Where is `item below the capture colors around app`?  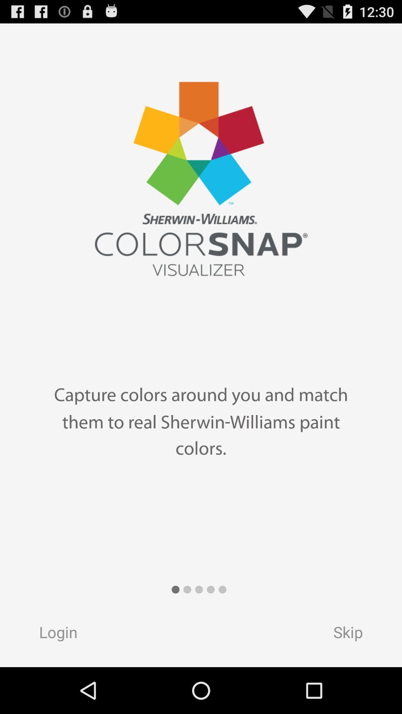
item below the capture colors around app is located at coordinates (51, 634).